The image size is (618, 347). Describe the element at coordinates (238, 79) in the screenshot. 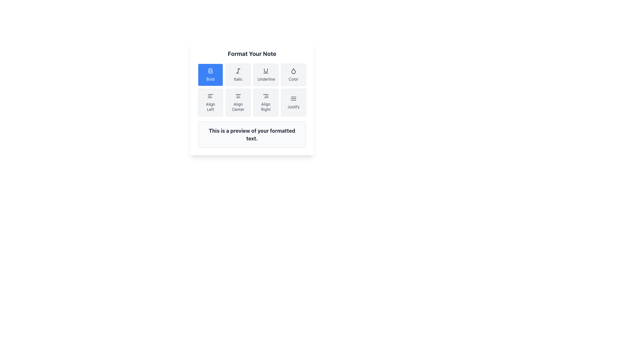

I see `text label displaying 'Italic', which is center-aligned and located below an italic icon in the formatting options section` at that location.